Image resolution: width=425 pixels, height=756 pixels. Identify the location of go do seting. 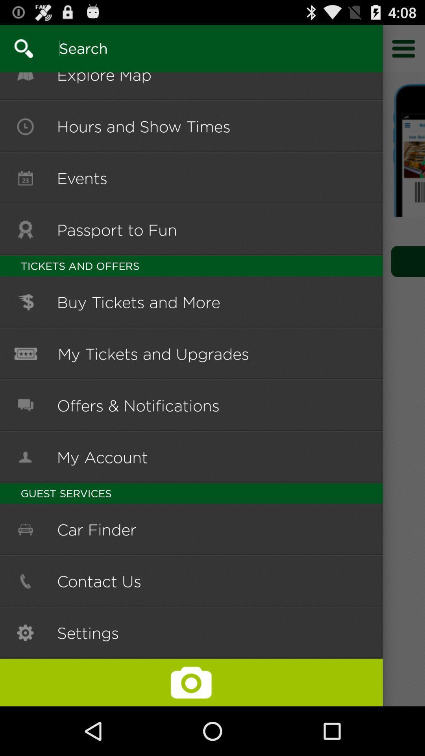
(404, 48).